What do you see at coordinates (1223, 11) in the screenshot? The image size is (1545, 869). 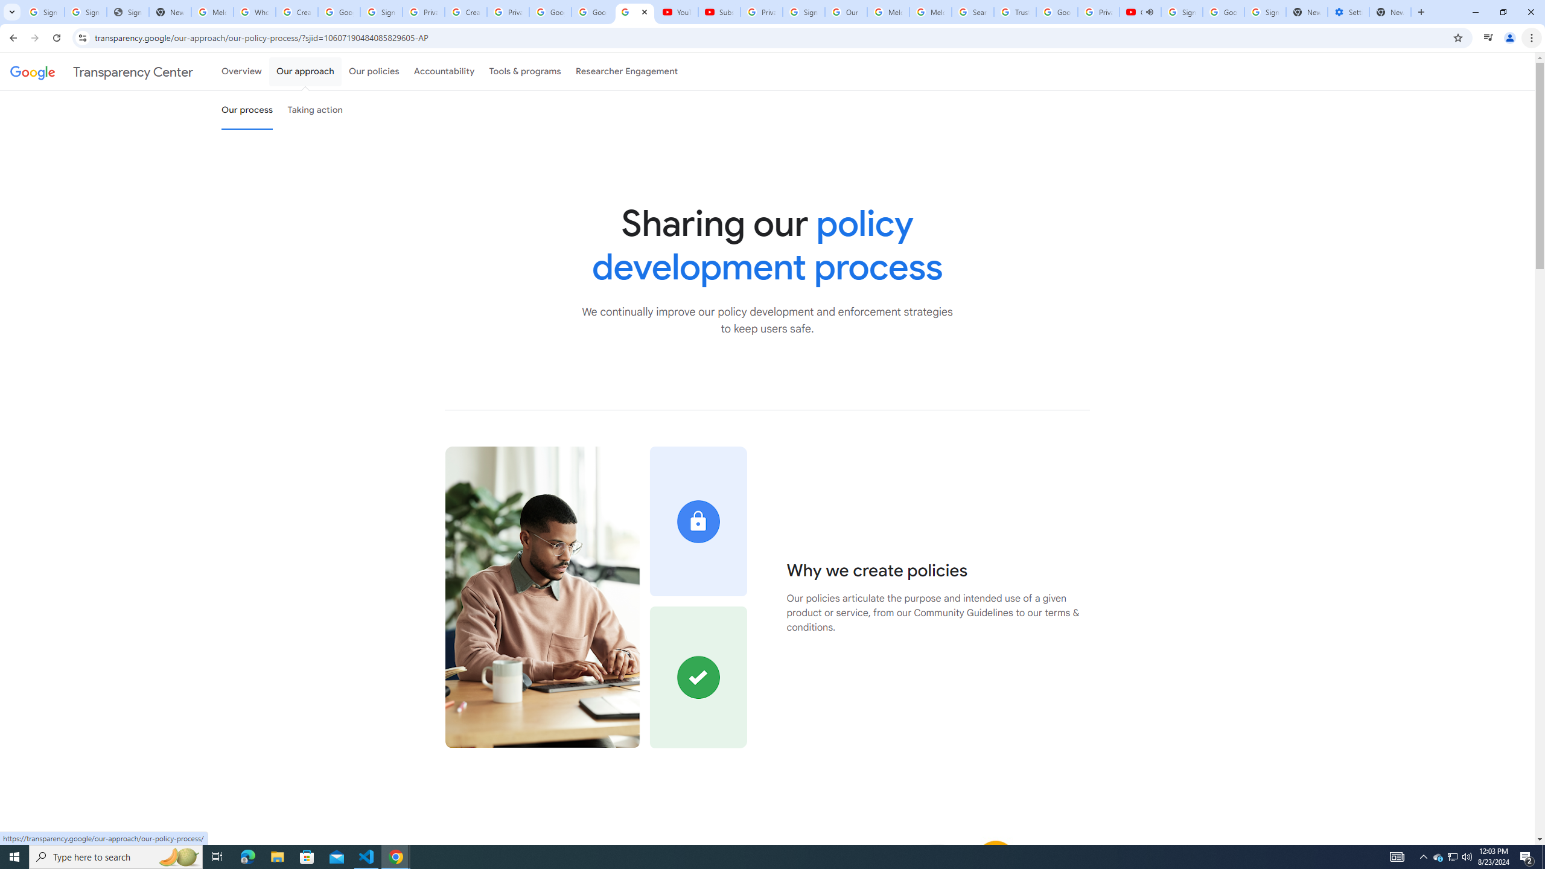 I see `'Google Cybersecurity Innovations - Google Safety Center'` at bounding box center [1223, 11].